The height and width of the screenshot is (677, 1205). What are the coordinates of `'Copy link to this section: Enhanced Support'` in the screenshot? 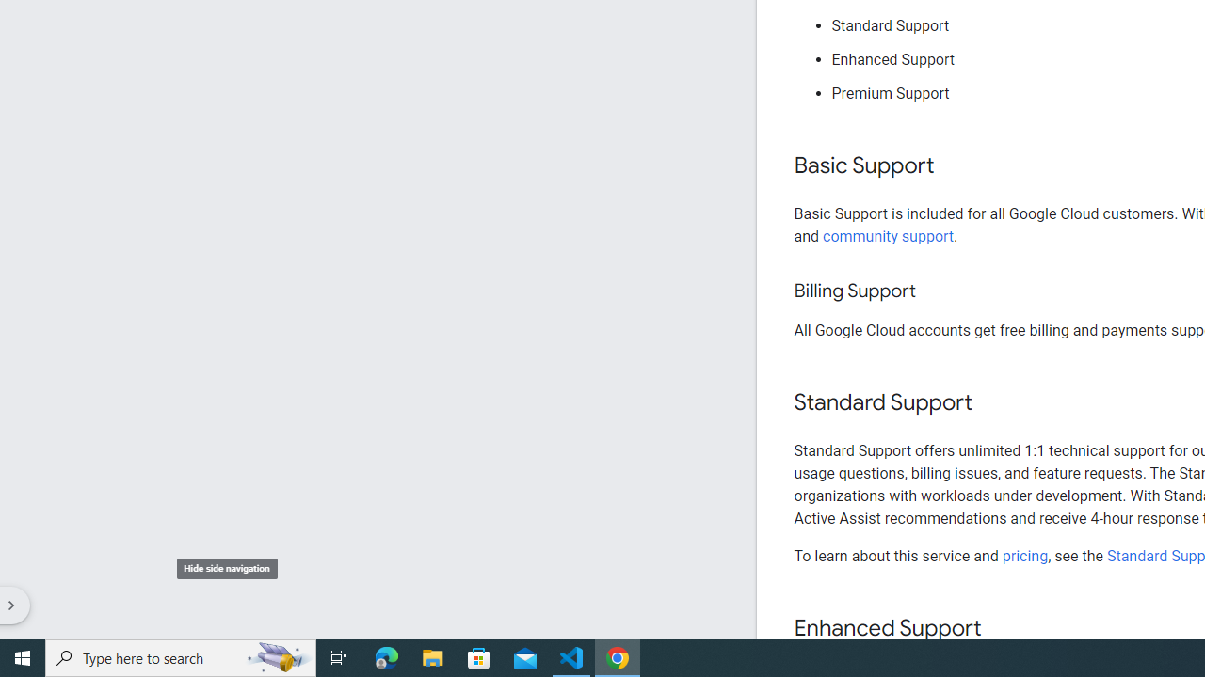 It's located at (999, 629).